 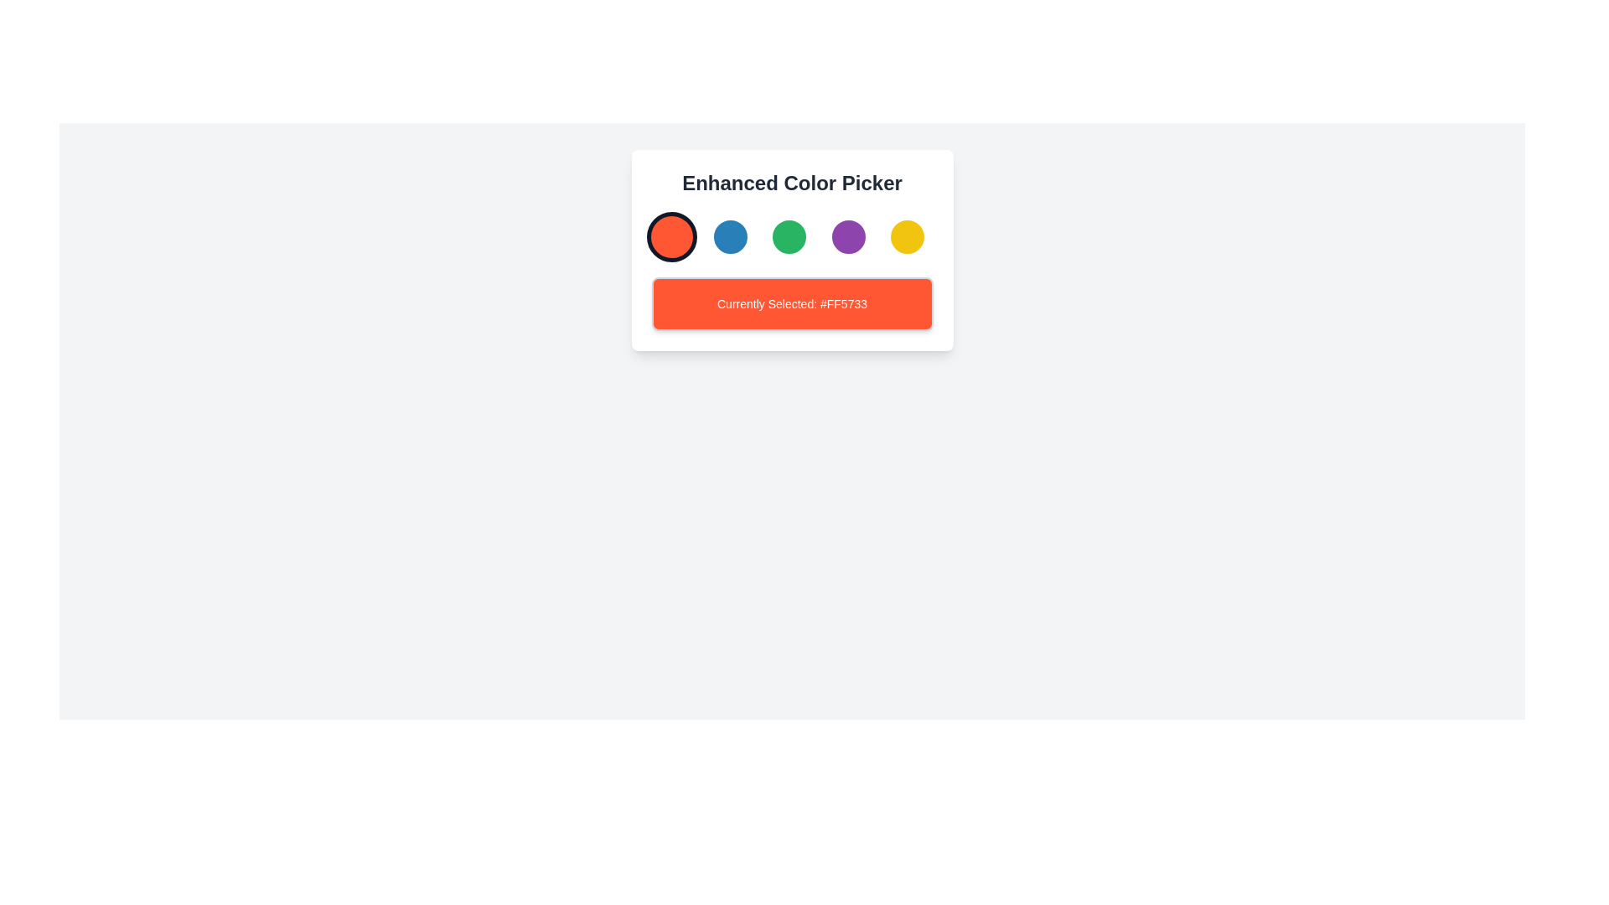 What do you see at coordinates (671, 236) in the screenshot?
I see `the first circular button with a red-orange color and black border, located in the card labeled 'Enhanced Color Picker'` at bounding box center [671, 236].